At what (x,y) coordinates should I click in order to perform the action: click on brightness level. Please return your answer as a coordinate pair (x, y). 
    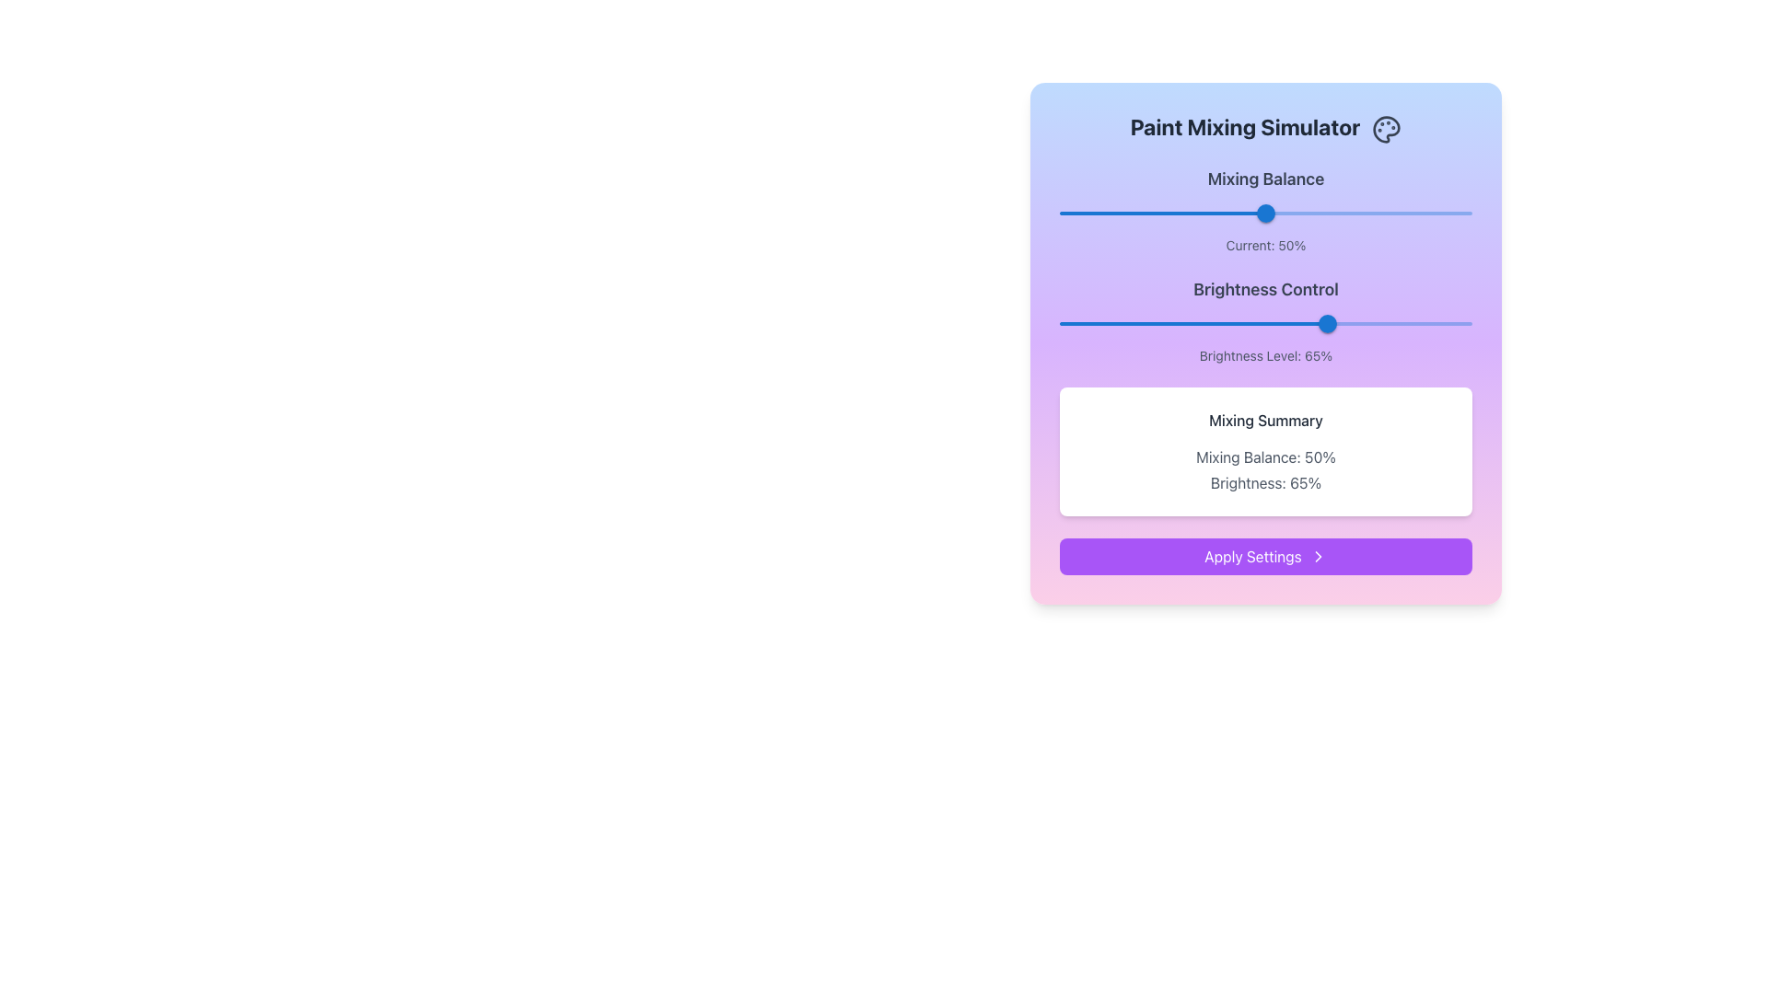
    Looking at the image, I should click on (1124, 322).